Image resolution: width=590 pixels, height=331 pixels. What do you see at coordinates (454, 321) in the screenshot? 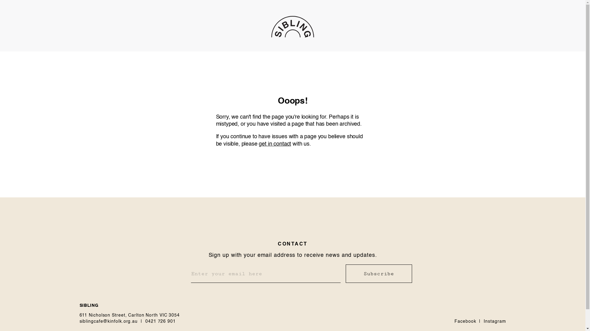
I see `'Facebook'` at bounding box center [454, 321].